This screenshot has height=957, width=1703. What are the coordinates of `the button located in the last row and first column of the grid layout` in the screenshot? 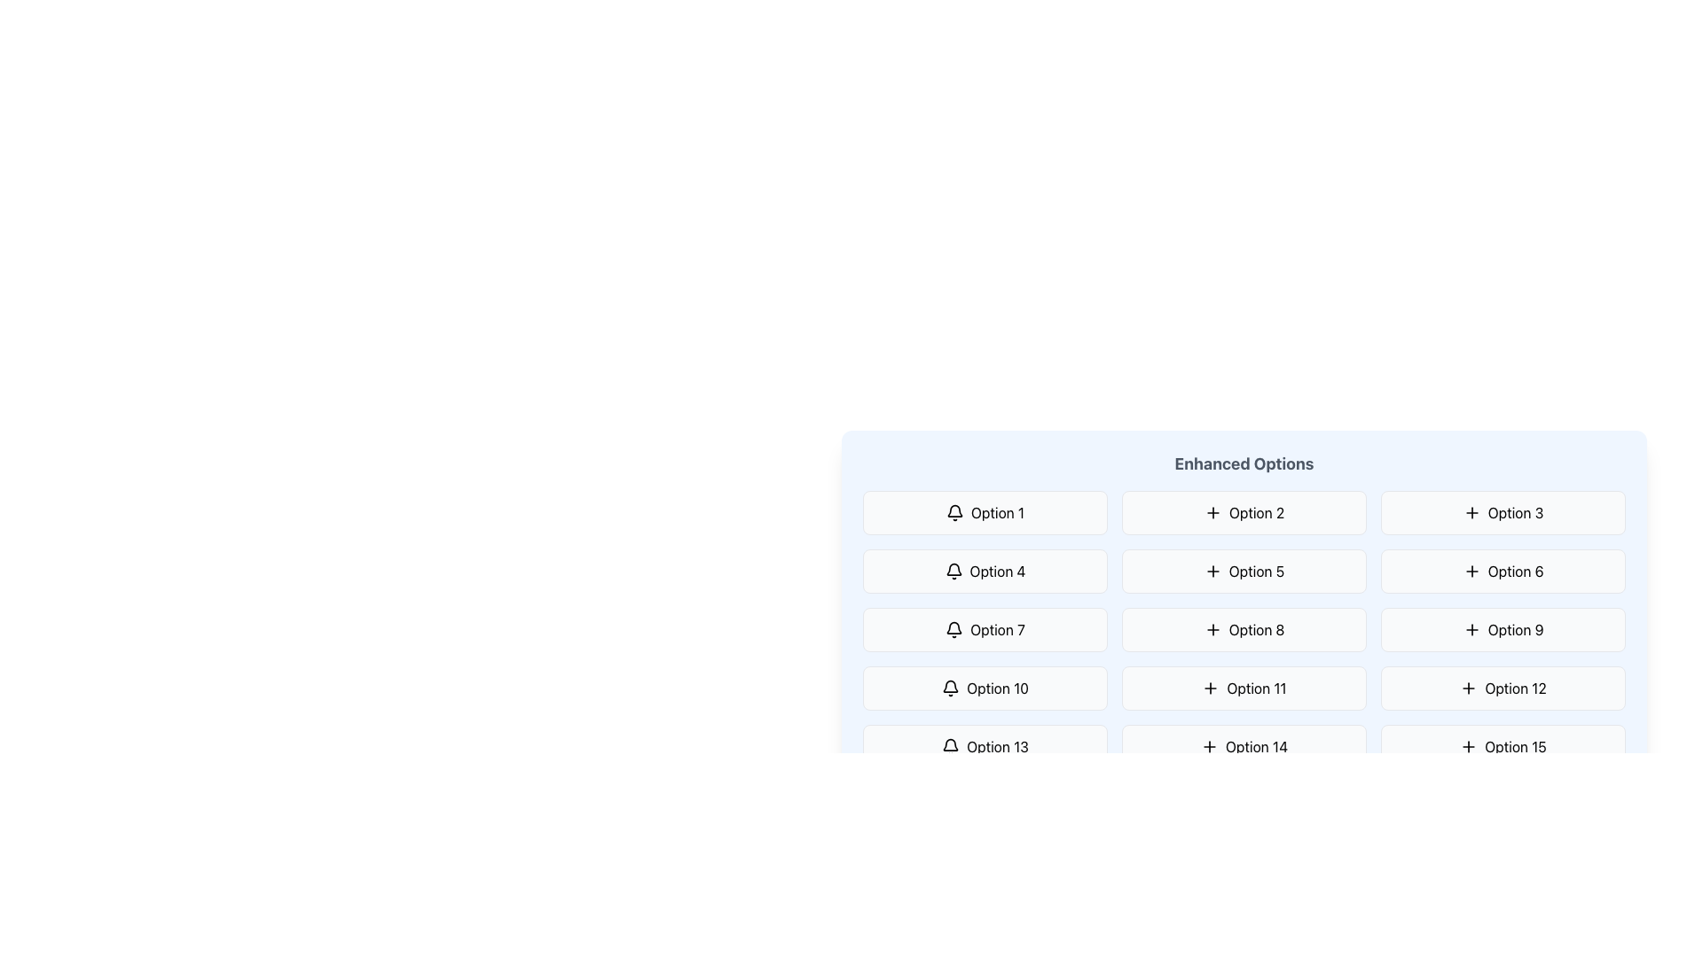 It's located at (984, 863).